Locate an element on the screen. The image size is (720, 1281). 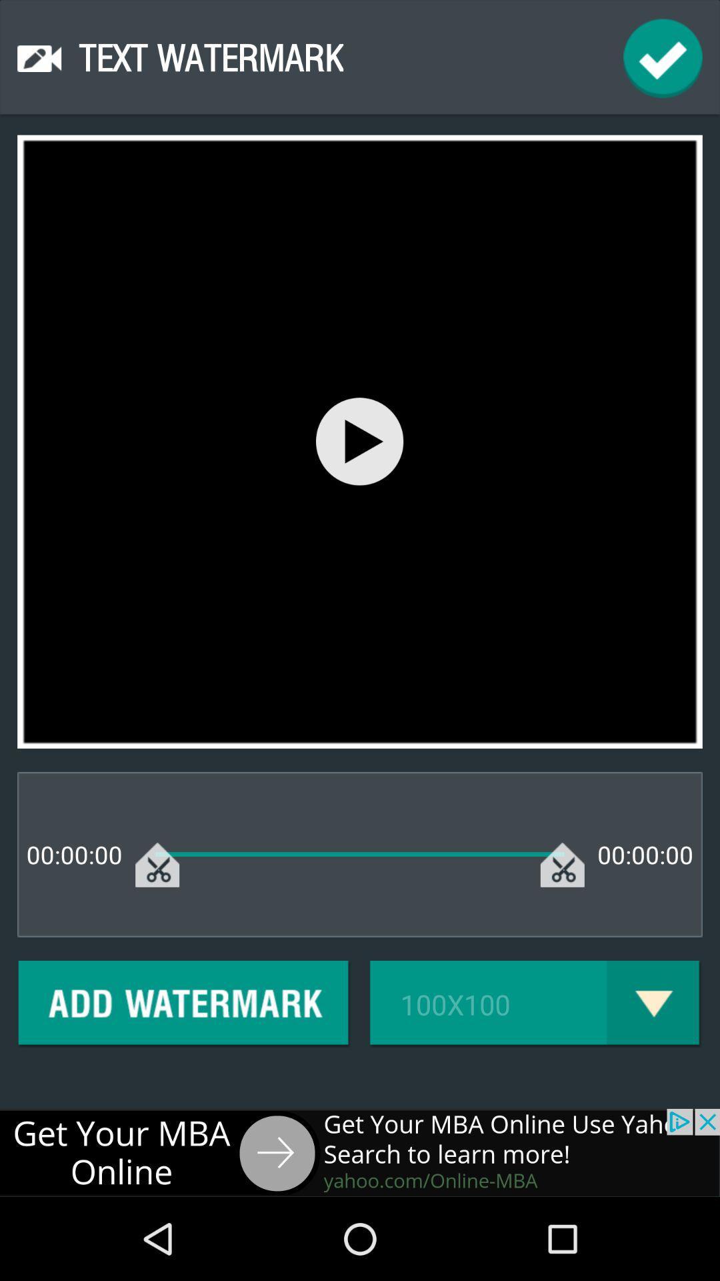
watermark is located at coordinates (184, 1004).